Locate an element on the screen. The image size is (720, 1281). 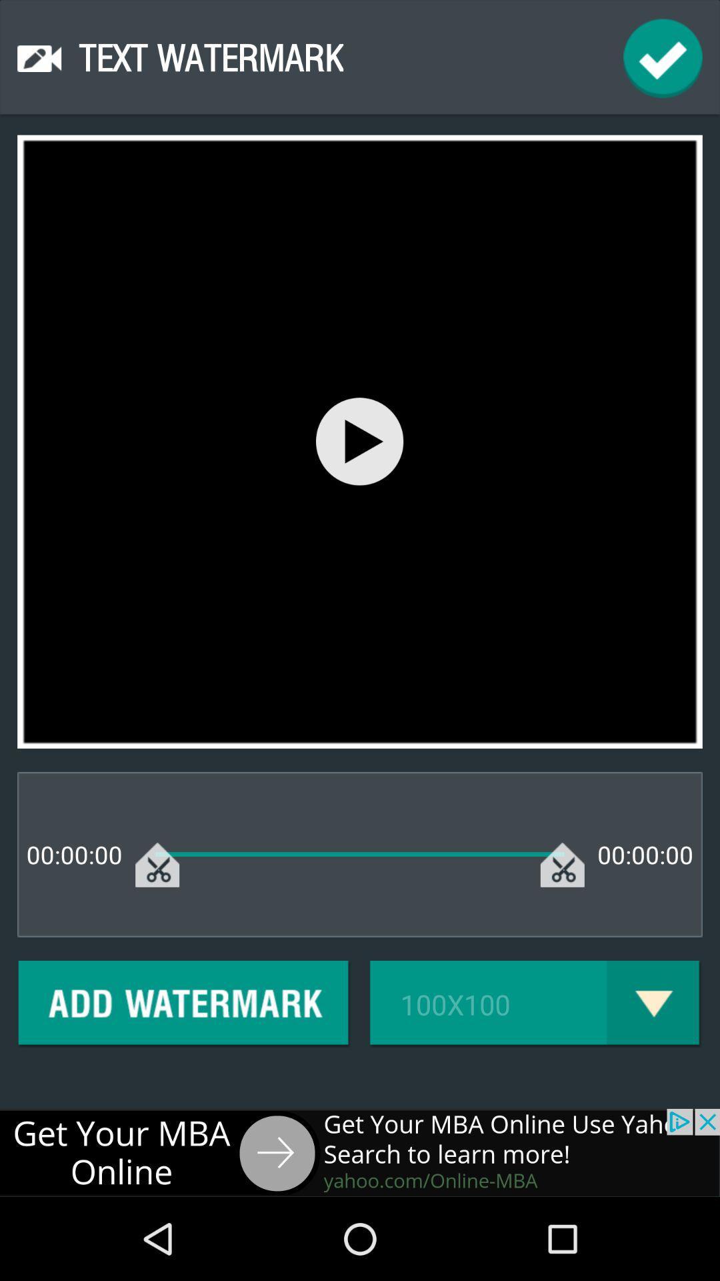
watermark is located at coordinates (184, 1004).